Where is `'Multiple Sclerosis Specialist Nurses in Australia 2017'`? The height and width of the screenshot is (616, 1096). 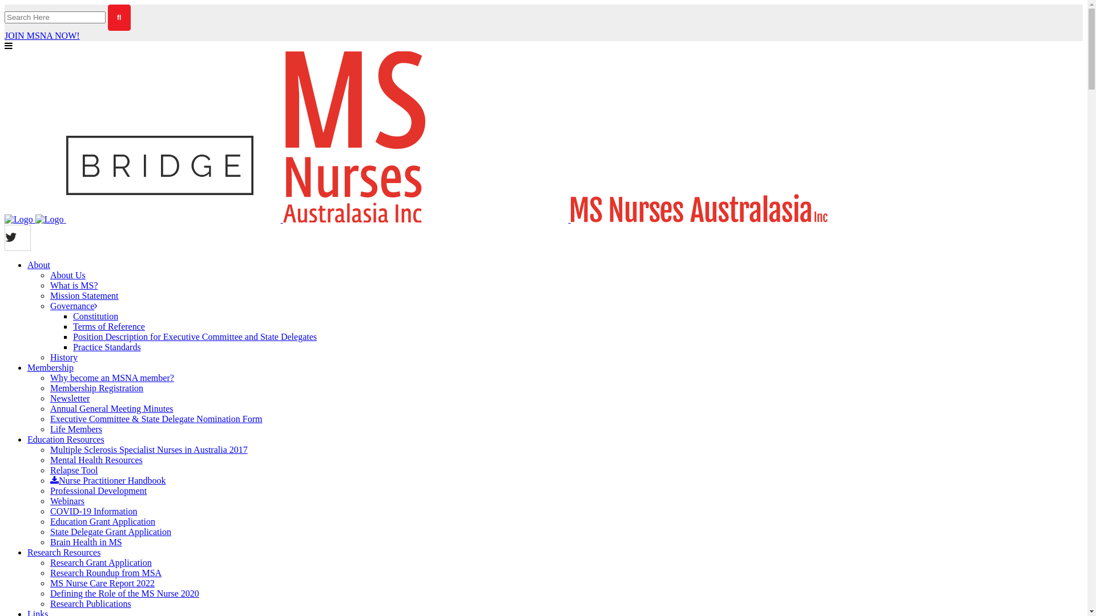 'Multiple Sclerosis Specialist Nurses in Australia 2017' is located at coordinates (148, 449).